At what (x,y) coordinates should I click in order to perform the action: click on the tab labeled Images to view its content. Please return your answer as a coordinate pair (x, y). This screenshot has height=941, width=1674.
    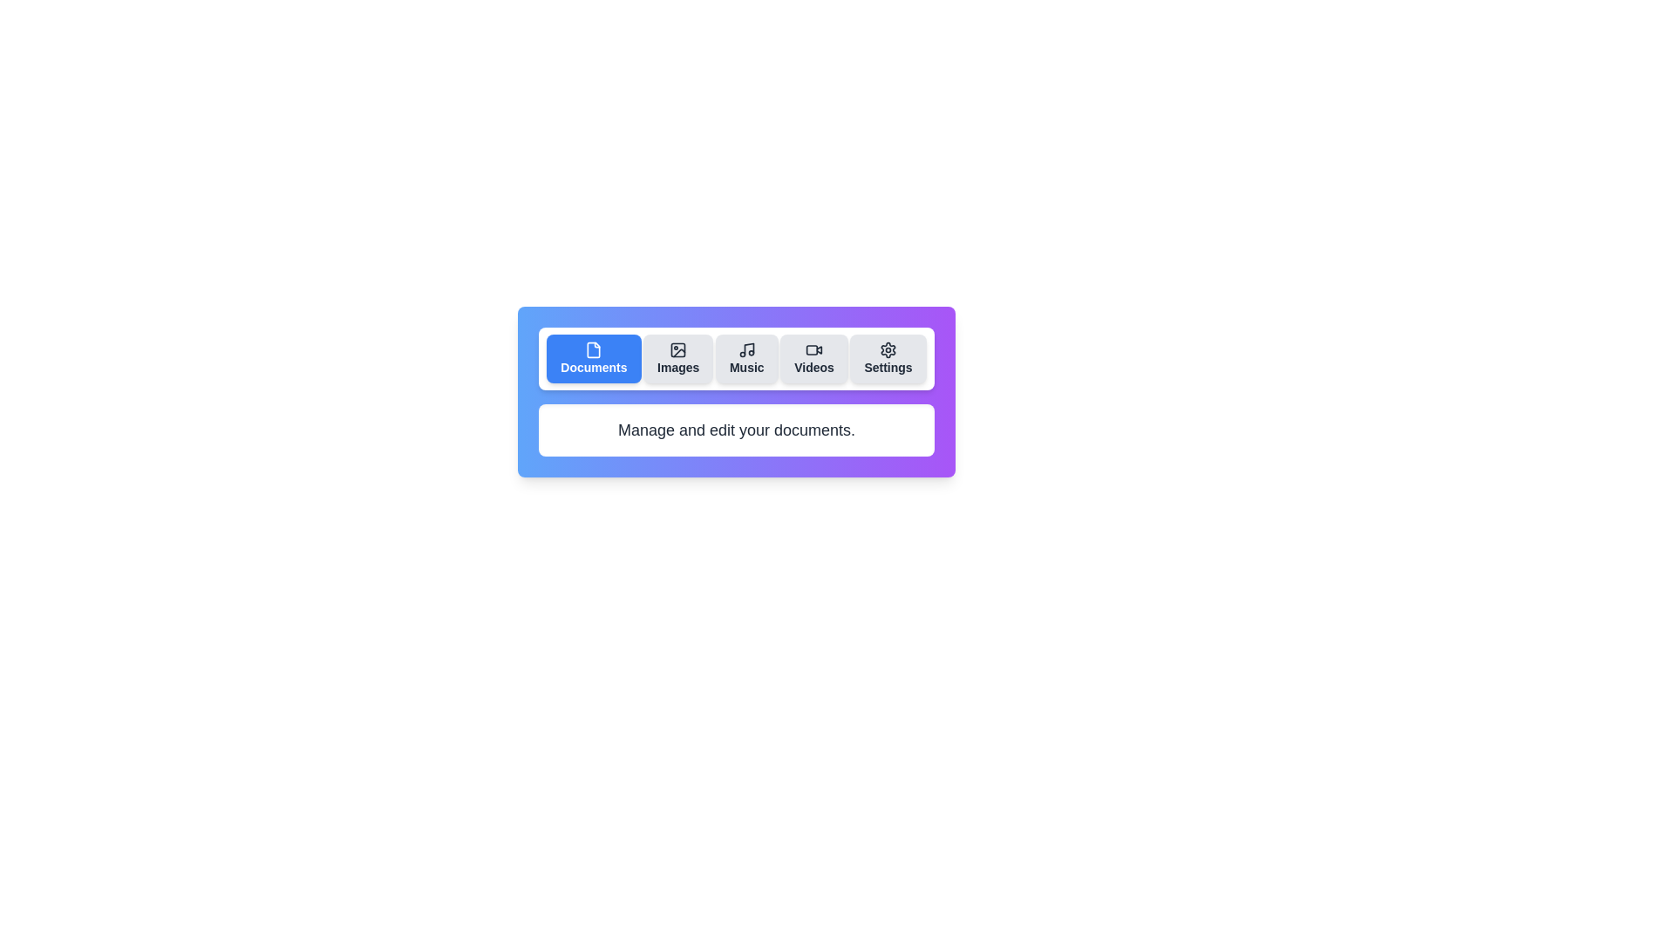
    Looking at the image, I should click on (677, 358).